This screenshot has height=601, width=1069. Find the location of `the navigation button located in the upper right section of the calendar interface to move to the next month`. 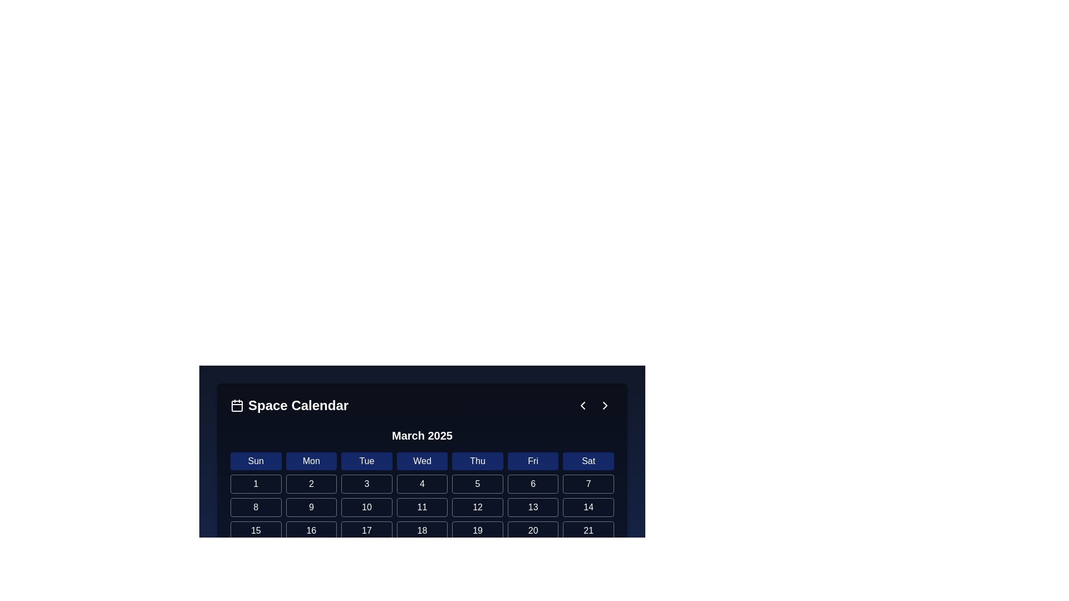

the navigation button located in the upper right section of the calendar interface to move to the next month is located at coordinates (604, 406).